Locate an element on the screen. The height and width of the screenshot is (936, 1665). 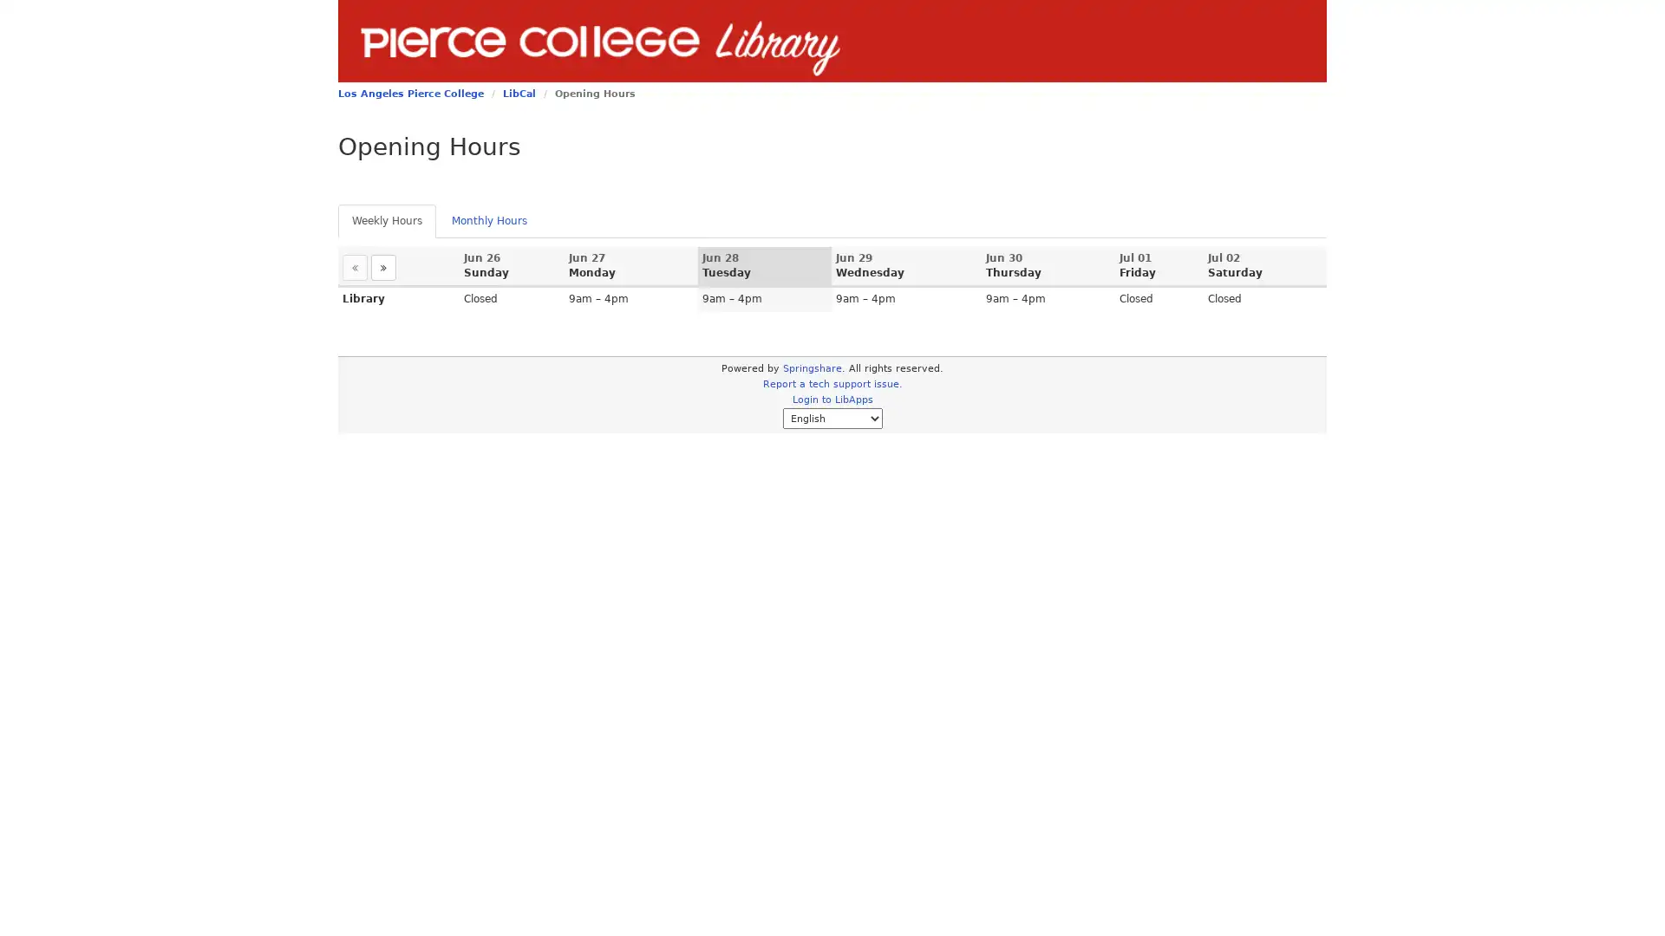
Next is located at coordinates (382, 267).